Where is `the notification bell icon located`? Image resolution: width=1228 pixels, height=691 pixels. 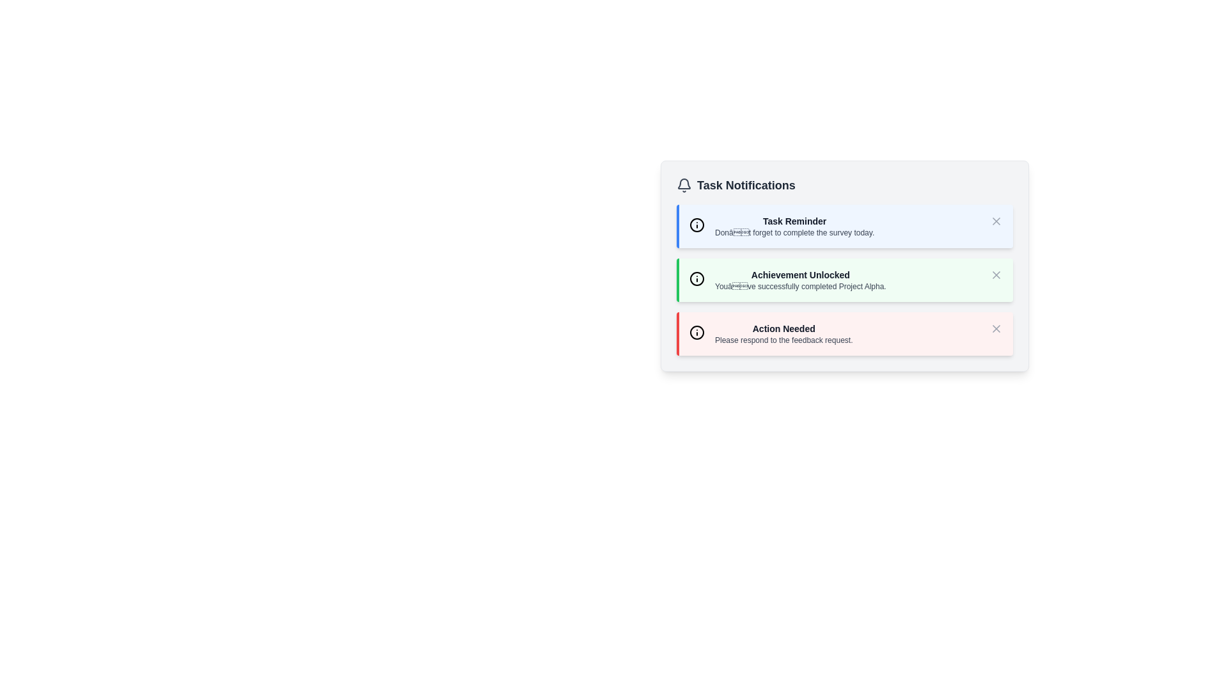
the notification bell icon located is located at coordinates (684, 183).